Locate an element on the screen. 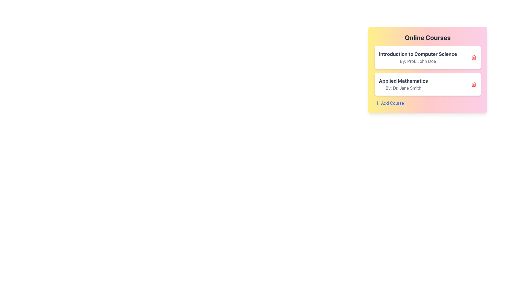 The image size is (516, 290). the text label that reads 'By: Prof. John Doe', which is a smaller, gray-colored font positioned directly below 'Introduction to Computer Science' in the first course card under the 'Online Courses' section is located at coordinates (418, 61).